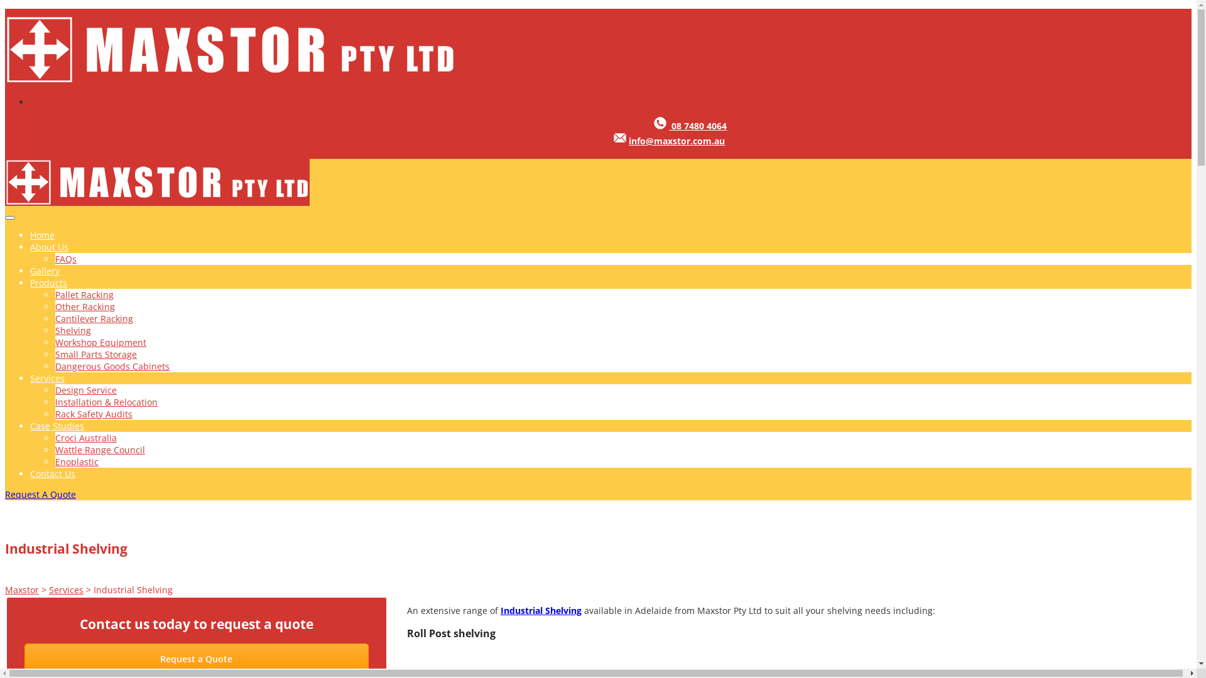  What do you see at coordinates (76, 461) in the screenshot?
I see `'Enoplastic'` at bounding box center [76, 461].